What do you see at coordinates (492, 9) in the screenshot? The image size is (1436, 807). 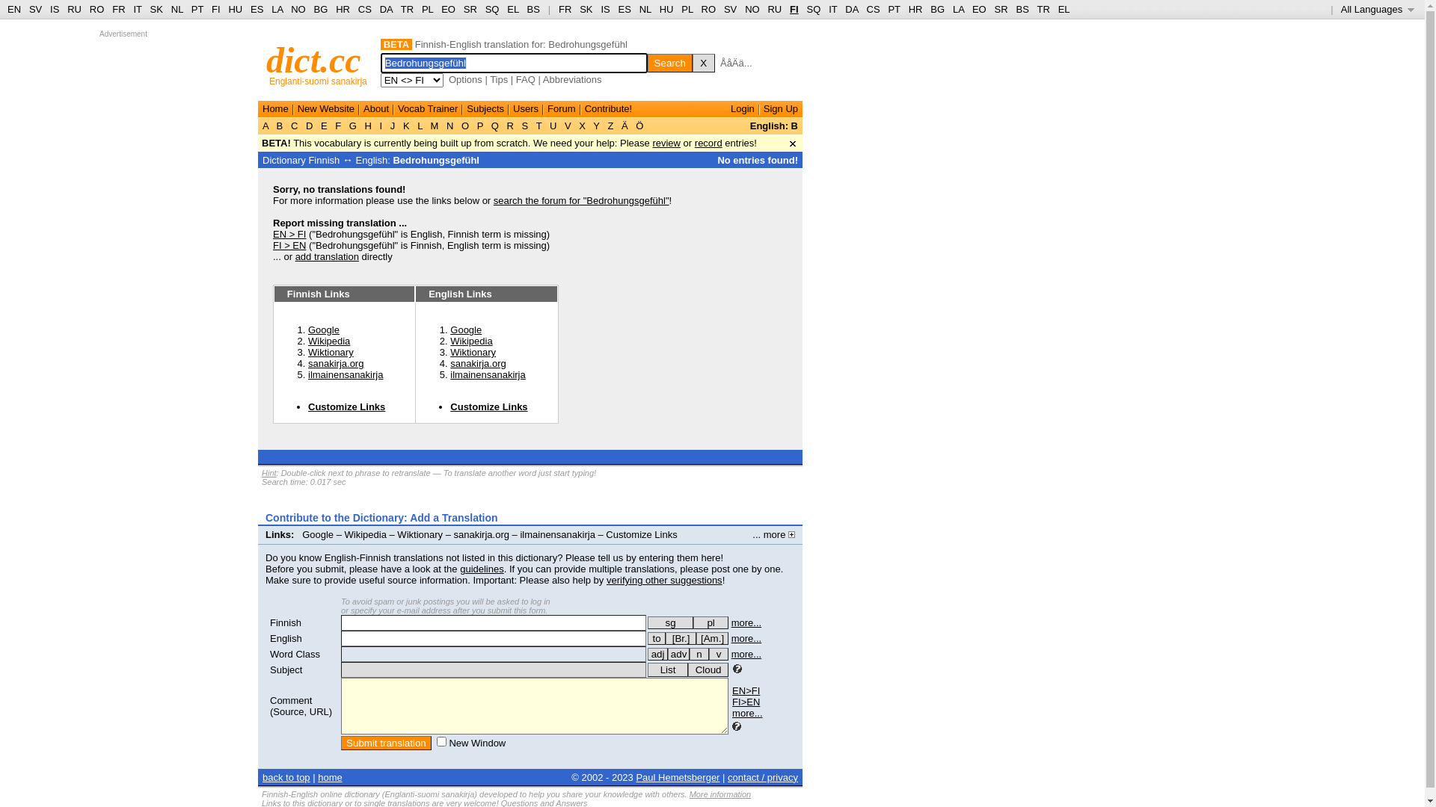 I see `'SQ'` at bounding box center [492, 9].